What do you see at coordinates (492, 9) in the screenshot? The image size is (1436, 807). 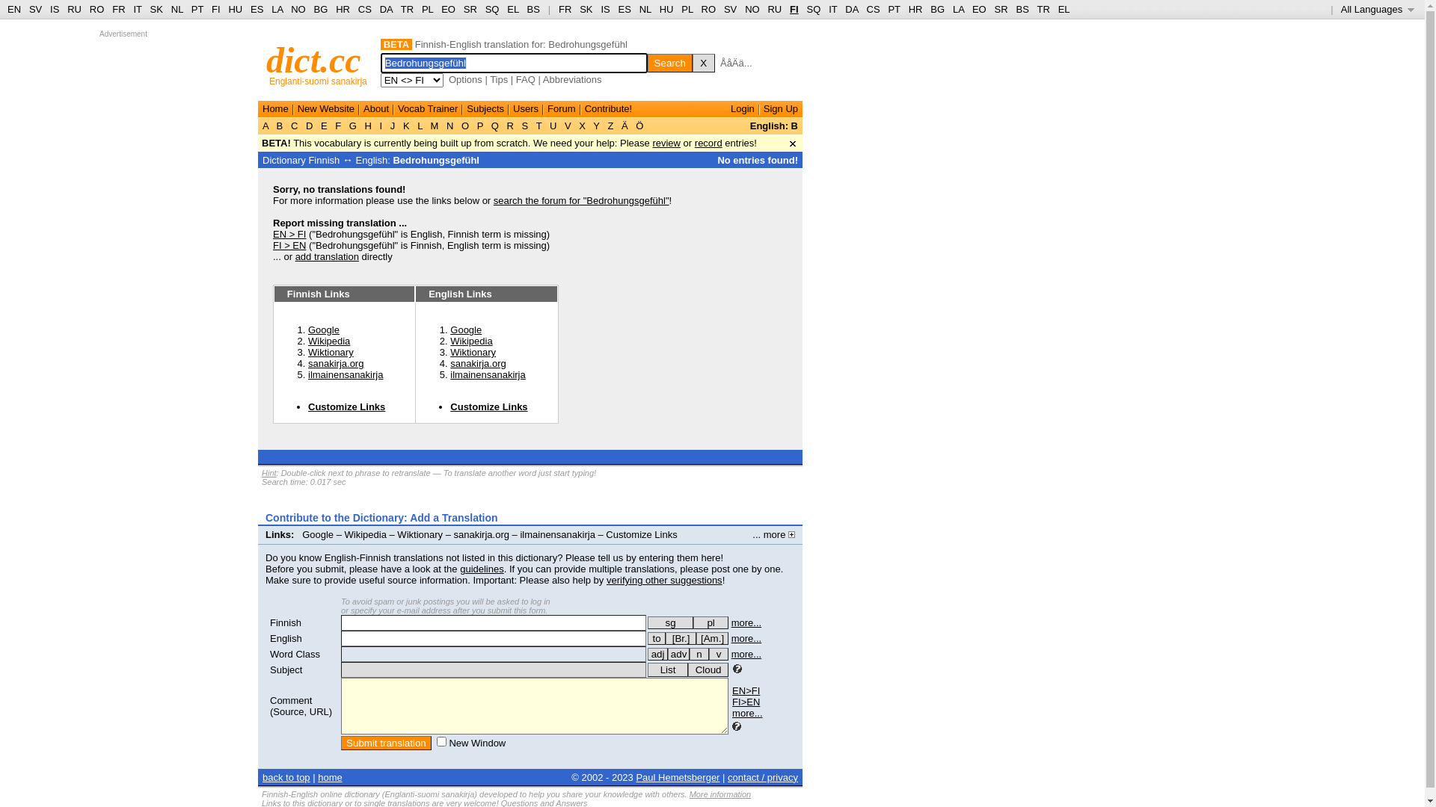 I see `'SQ'` at bounding box center [492, 9].